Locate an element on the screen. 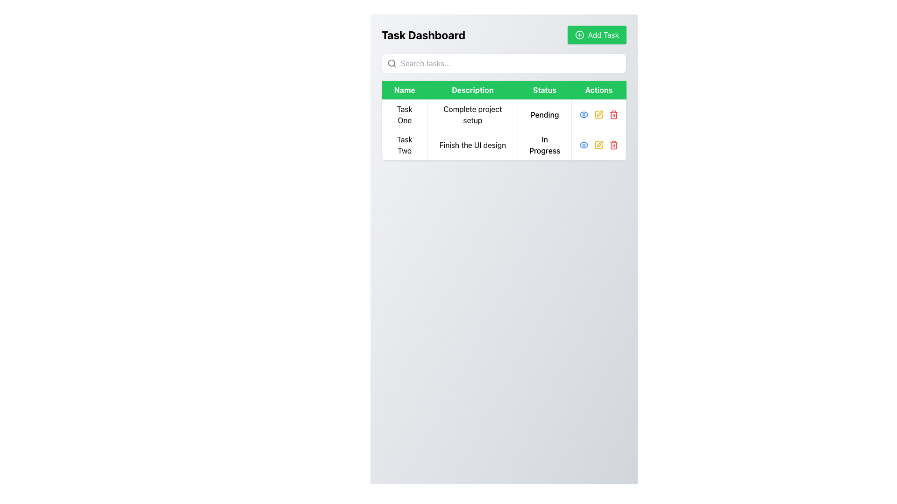 This screenshot has width=897, height=504. the trash bin icon in the 'Actions' column of the second row under the 'Task Two' entry is located at coordinates (614, 146).